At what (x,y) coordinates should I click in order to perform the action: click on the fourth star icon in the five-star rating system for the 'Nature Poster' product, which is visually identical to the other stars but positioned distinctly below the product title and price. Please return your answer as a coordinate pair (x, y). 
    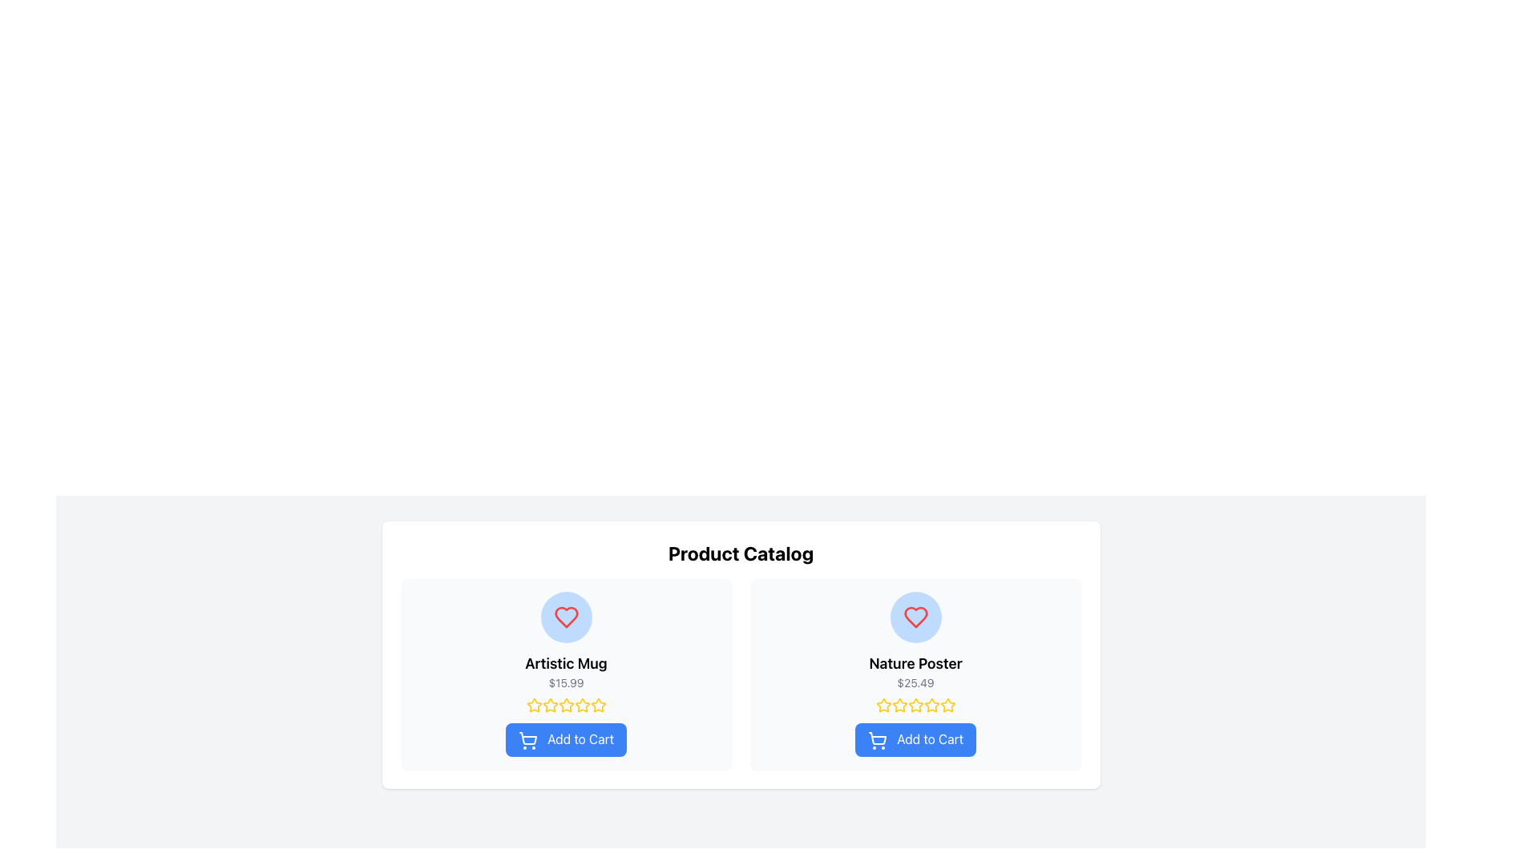
    Looking at the image, I should click on (915, 704).